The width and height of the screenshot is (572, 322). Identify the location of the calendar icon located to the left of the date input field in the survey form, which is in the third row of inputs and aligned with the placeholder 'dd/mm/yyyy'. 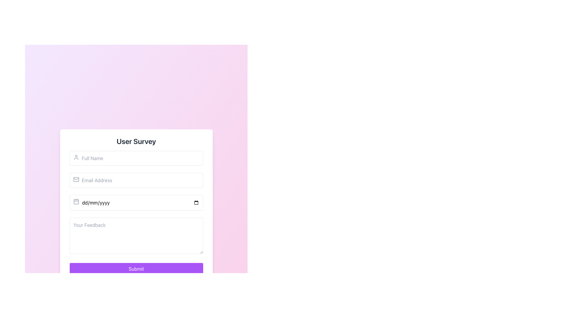
(76, 201).